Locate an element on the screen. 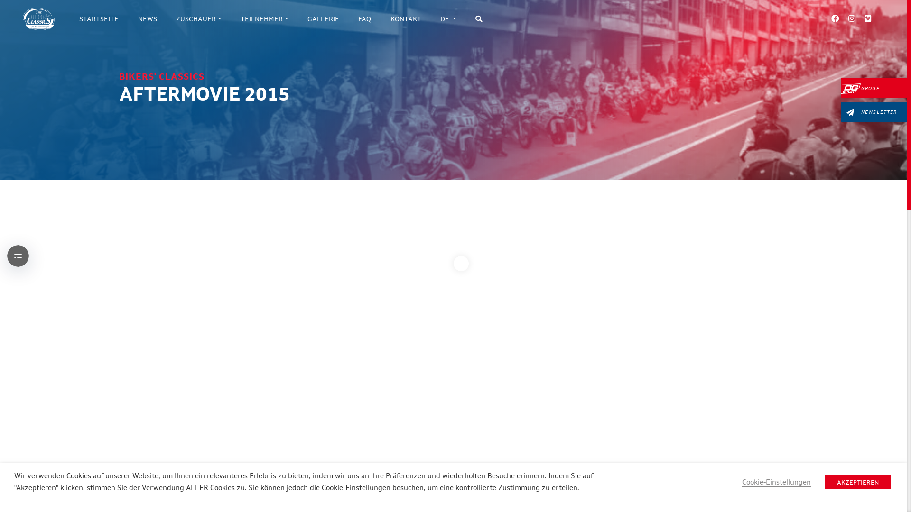  'AKZEPTIEREN' is located at coordinates (858, 482).